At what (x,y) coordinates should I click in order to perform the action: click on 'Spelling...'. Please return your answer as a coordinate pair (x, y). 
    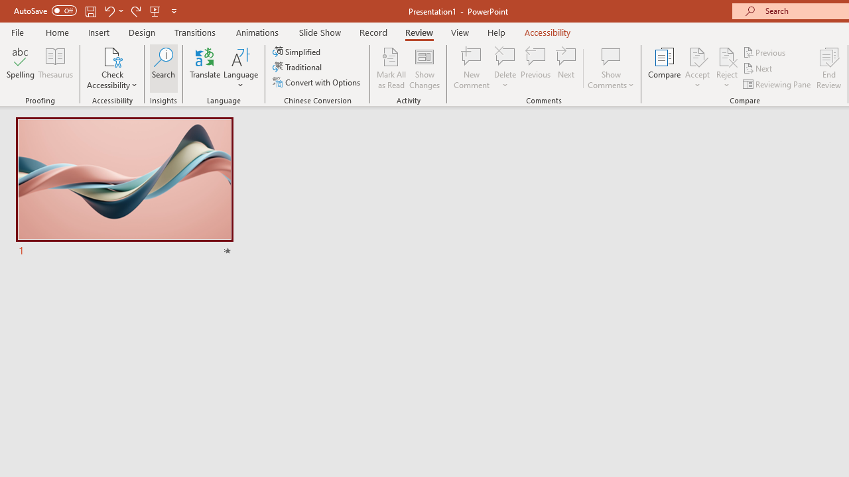
    Looking at the image, I should click on (21, 68).